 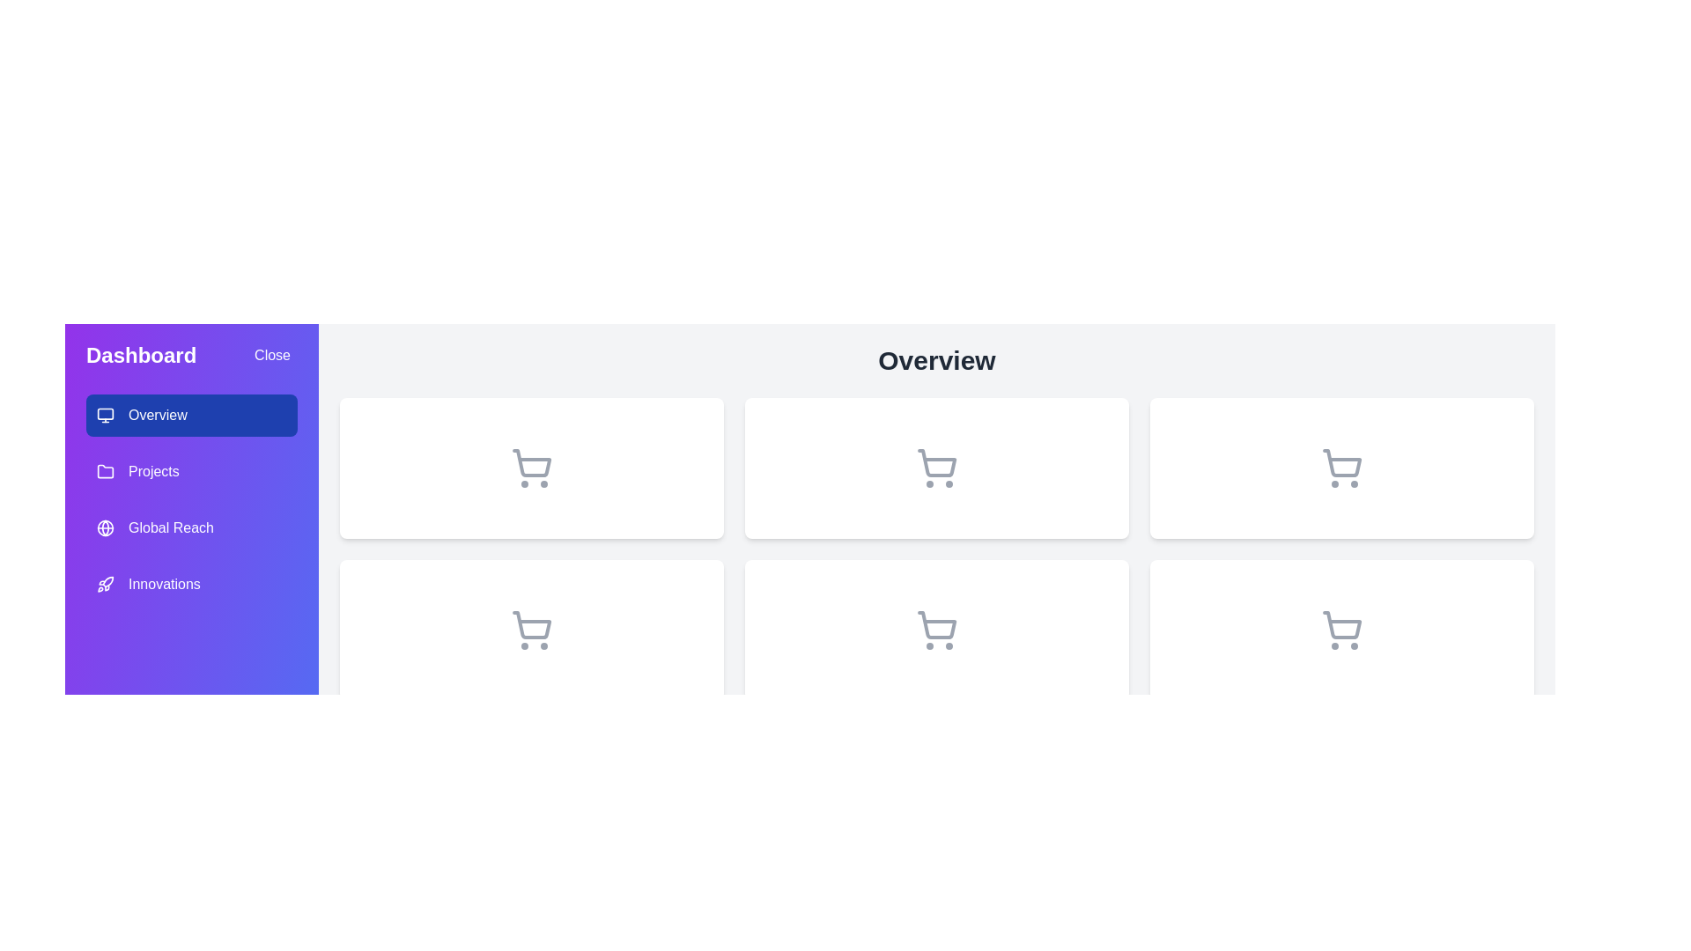 I want to click on the menu section Innovations by clicking on its corresponding menu item, so click(x=191, y=584).